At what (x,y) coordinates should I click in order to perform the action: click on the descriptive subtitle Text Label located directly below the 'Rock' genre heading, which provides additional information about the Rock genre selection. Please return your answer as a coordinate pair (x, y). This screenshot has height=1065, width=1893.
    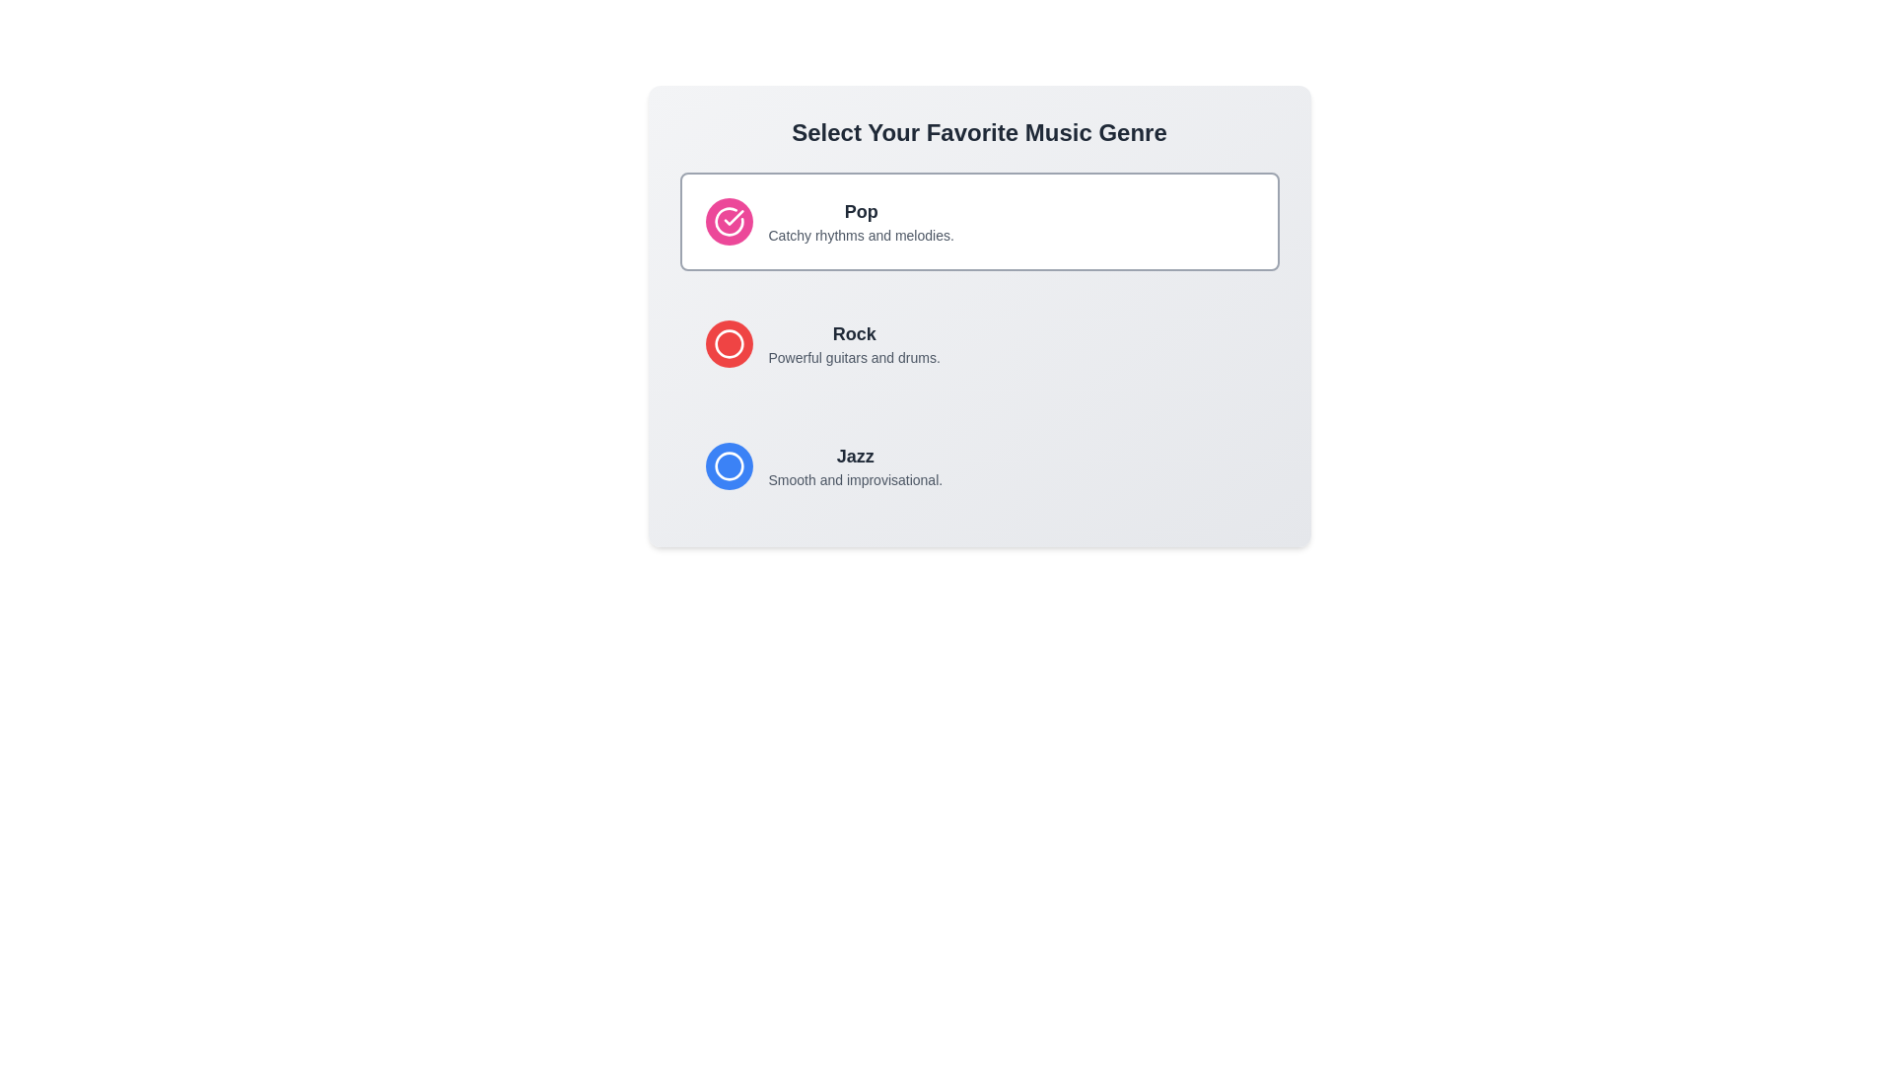
    Looking at the image, I should click on (854, 357).